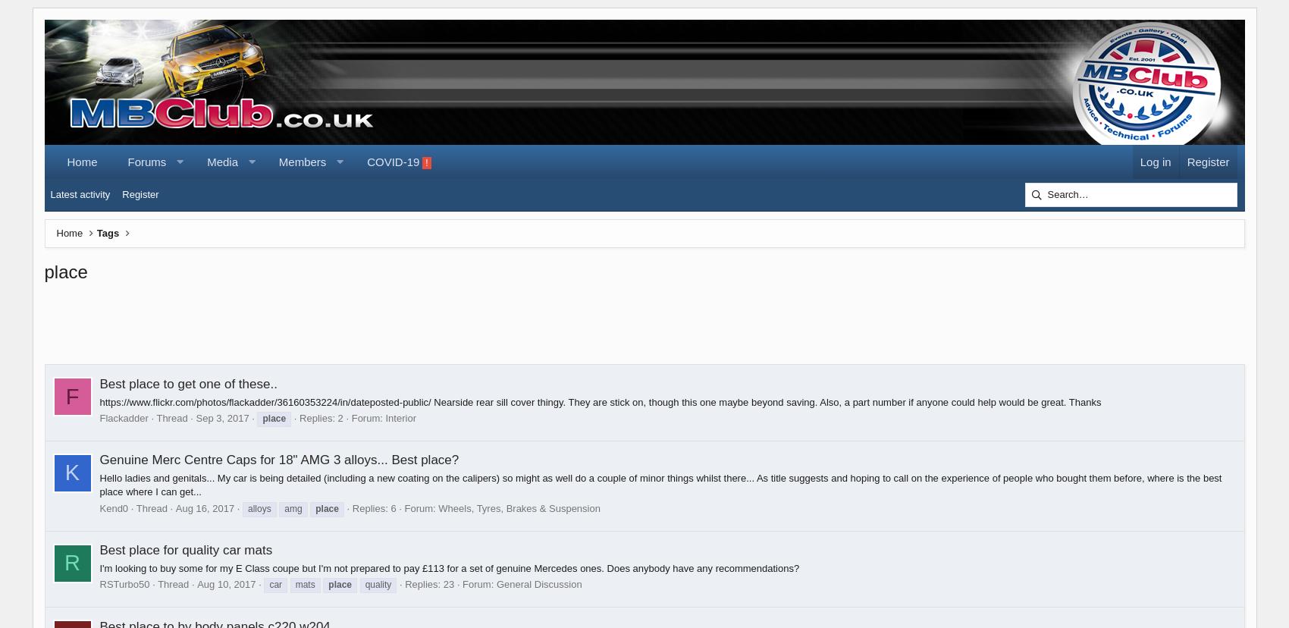 The image size is (1289, 628). What do you see at coordinates (222, 417) in the screenshot?
I see `'Sep 3, 2017'` at bounding box center [222, 417].